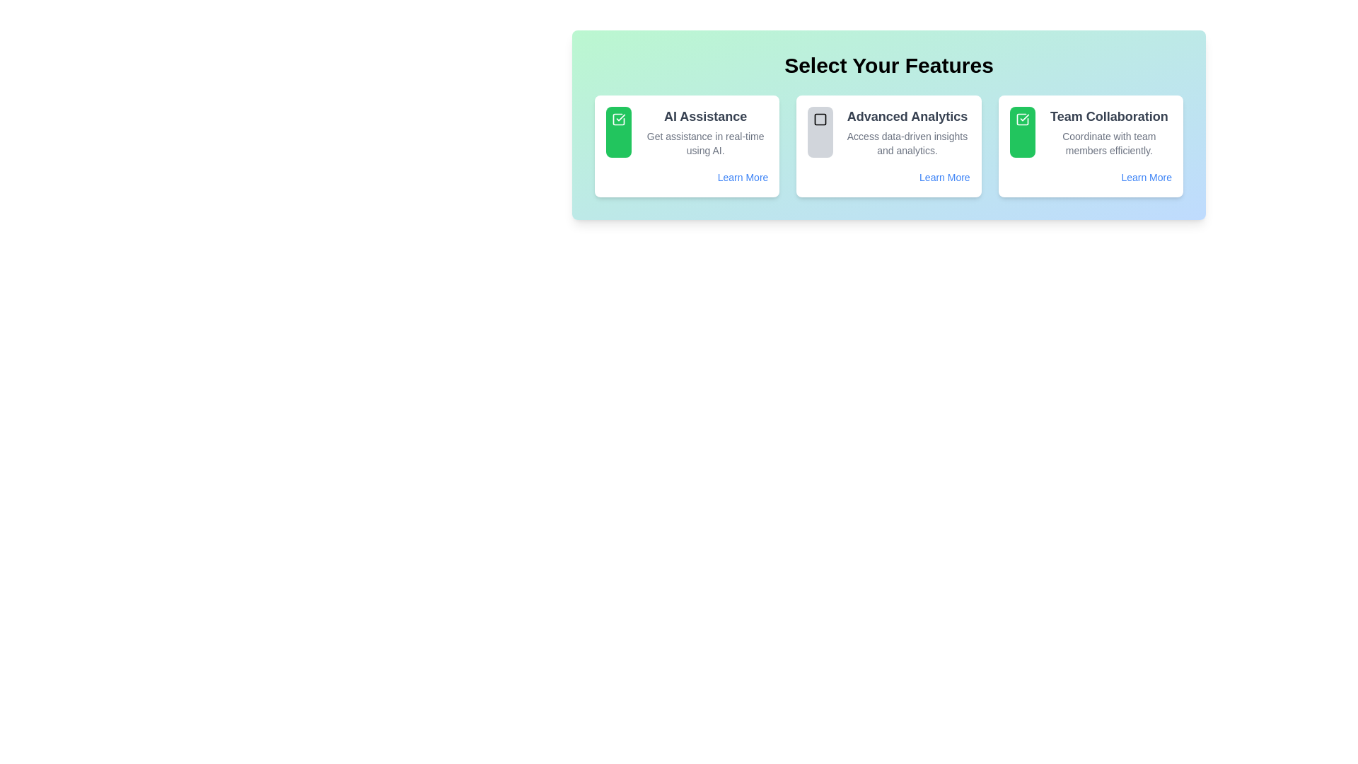 The width and height of the screenshot is (1358, 764). Describe the element at coordinates (907, 144) in the screenshot. I see `the descriptive text label that reads 'Access data-driven insights and analytics.' positioned below 'Advanced Analytics'` at that location.